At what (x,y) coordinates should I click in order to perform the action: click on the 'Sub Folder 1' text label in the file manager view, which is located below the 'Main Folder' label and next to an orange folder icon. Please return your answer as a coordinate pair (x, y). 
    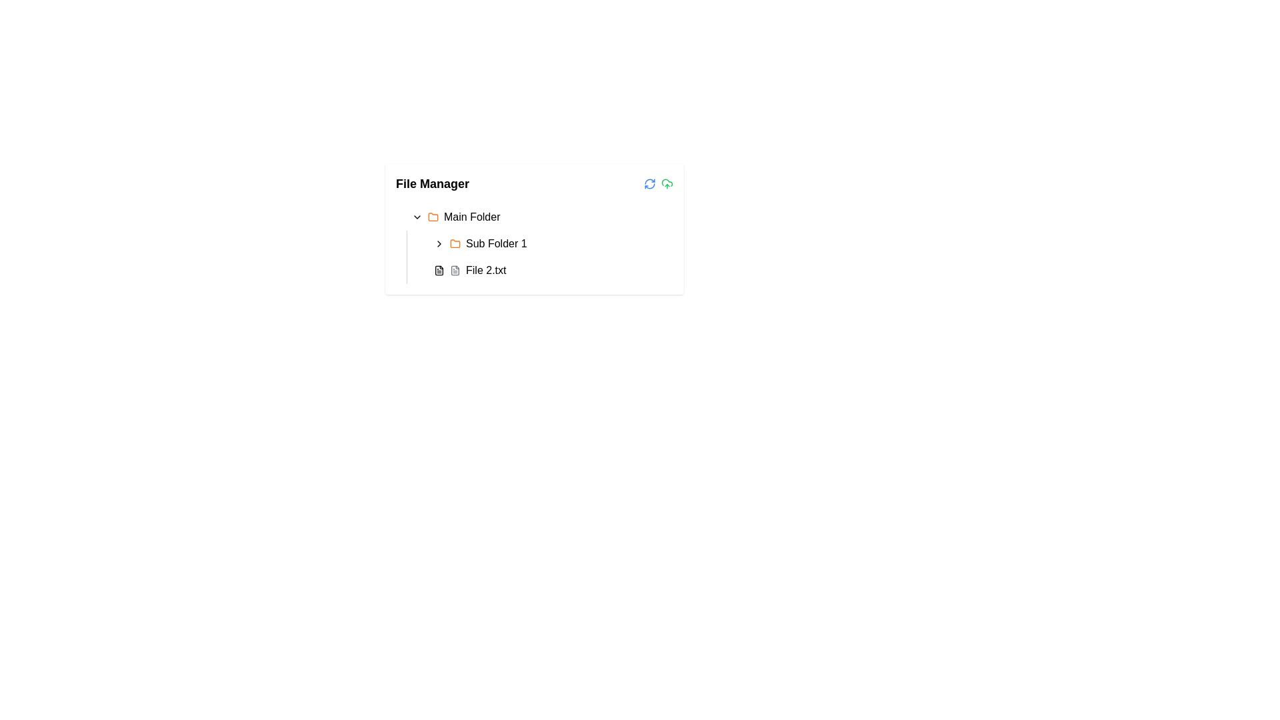
    Looking at the image, I should click on (495, 244).